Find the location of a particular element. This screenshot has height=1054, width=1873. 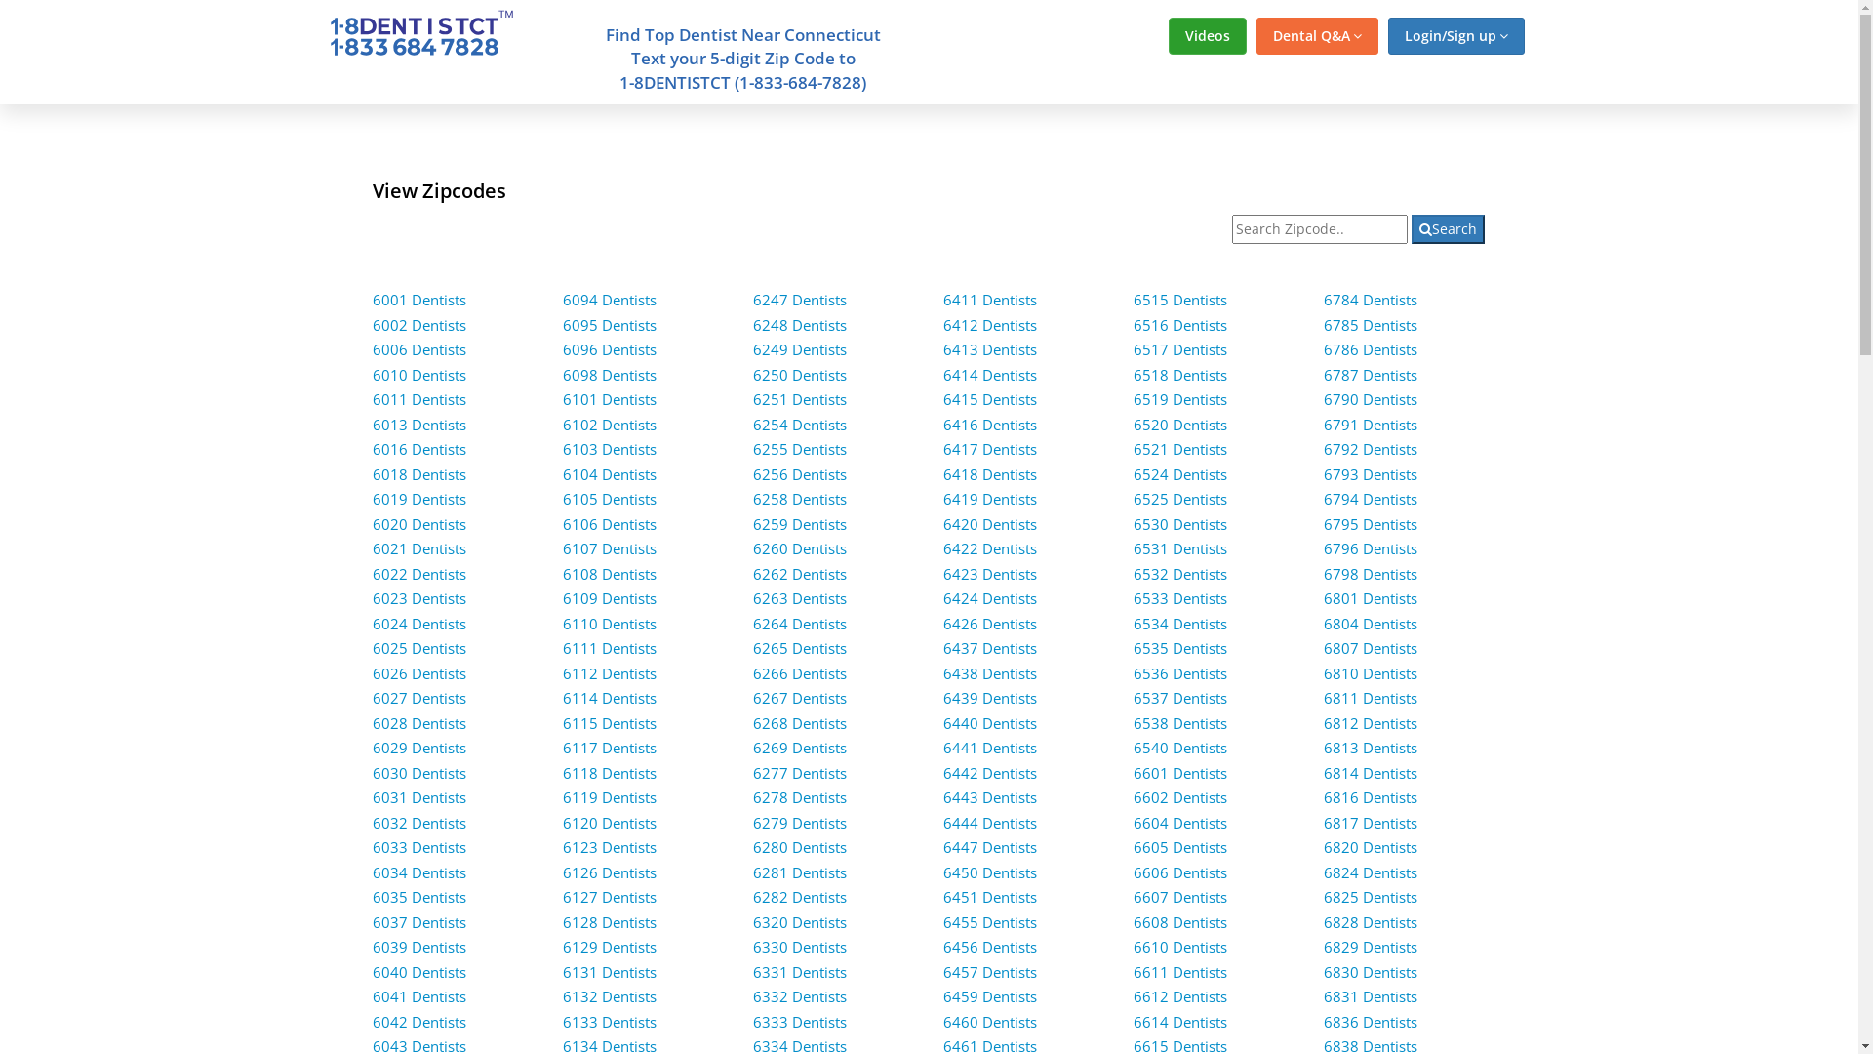

'6019 Dentists' is located at coordinates (418, 497).